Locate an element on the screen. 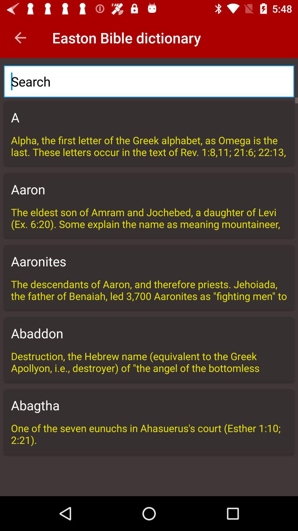 This screenshot has height=531, width=298. type search terms is located at coordinates (149, 81).